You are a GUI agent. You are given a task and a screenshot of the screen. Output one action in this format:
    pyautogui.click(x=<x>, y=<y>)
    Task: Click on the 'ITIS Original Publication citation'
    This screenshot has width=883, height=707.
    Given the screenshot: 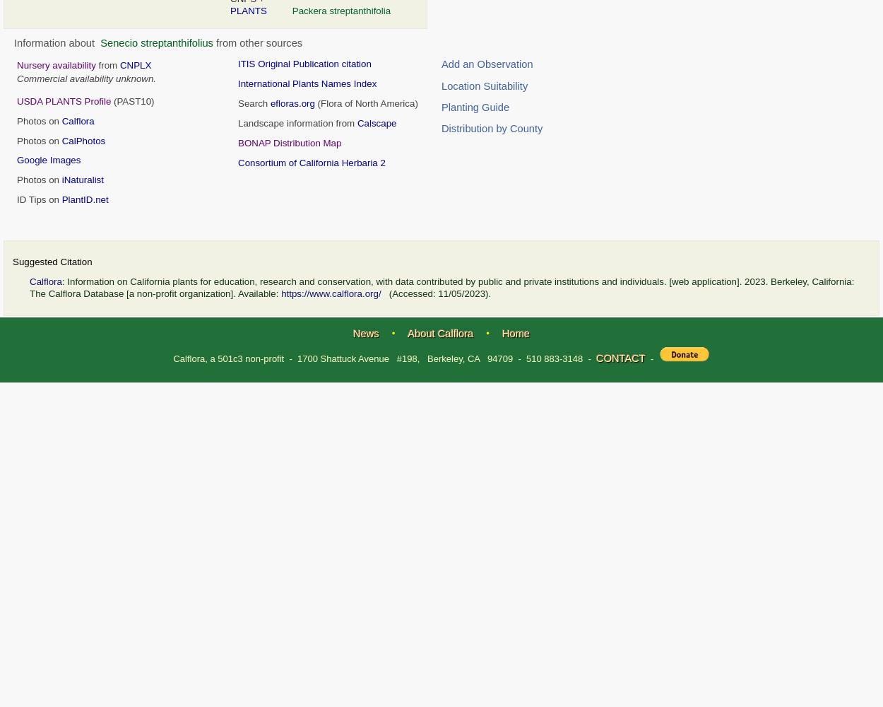 What is the action you would take?
    pyautogui.click(x=304, y=63)
    